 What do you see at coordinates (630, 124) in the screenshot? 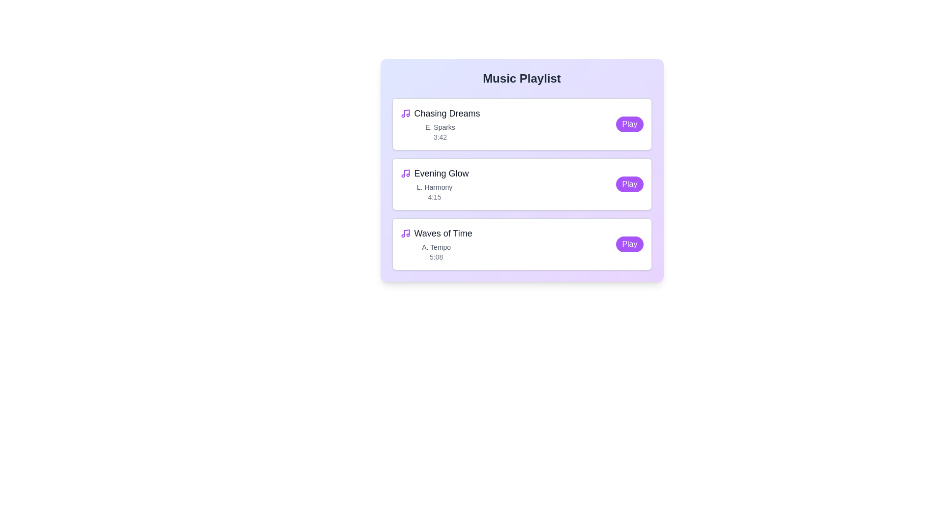
I see `the 'Play' button for the track Chasing Dreams` at bounding box center [630, 124].